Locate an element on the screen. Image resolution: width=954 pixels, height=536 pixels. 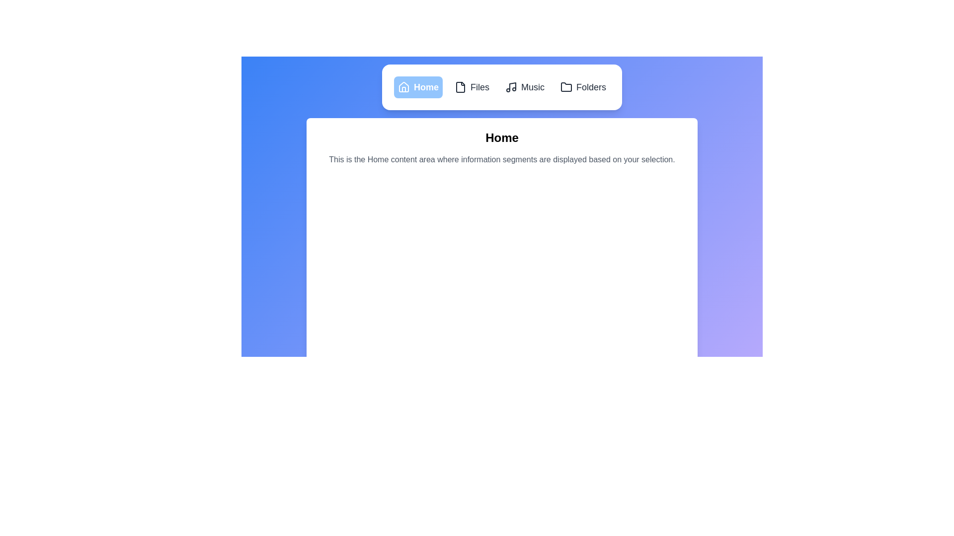
the Music tab to observe visual feedback is located at coordinates (524, 87).